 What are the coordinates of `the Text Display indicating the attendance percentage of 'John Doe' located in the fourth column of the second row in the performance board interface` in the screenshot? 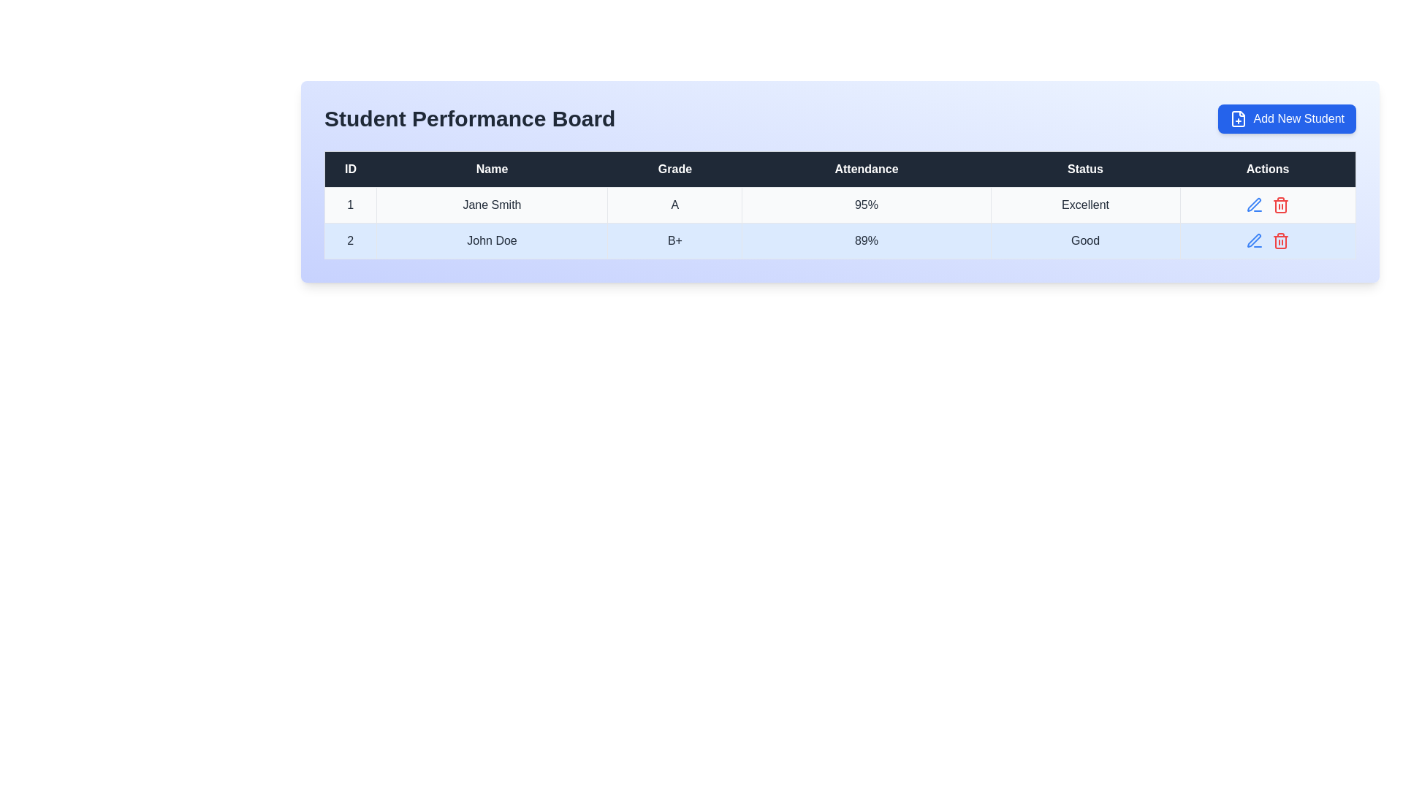 It's located at (866, 240).